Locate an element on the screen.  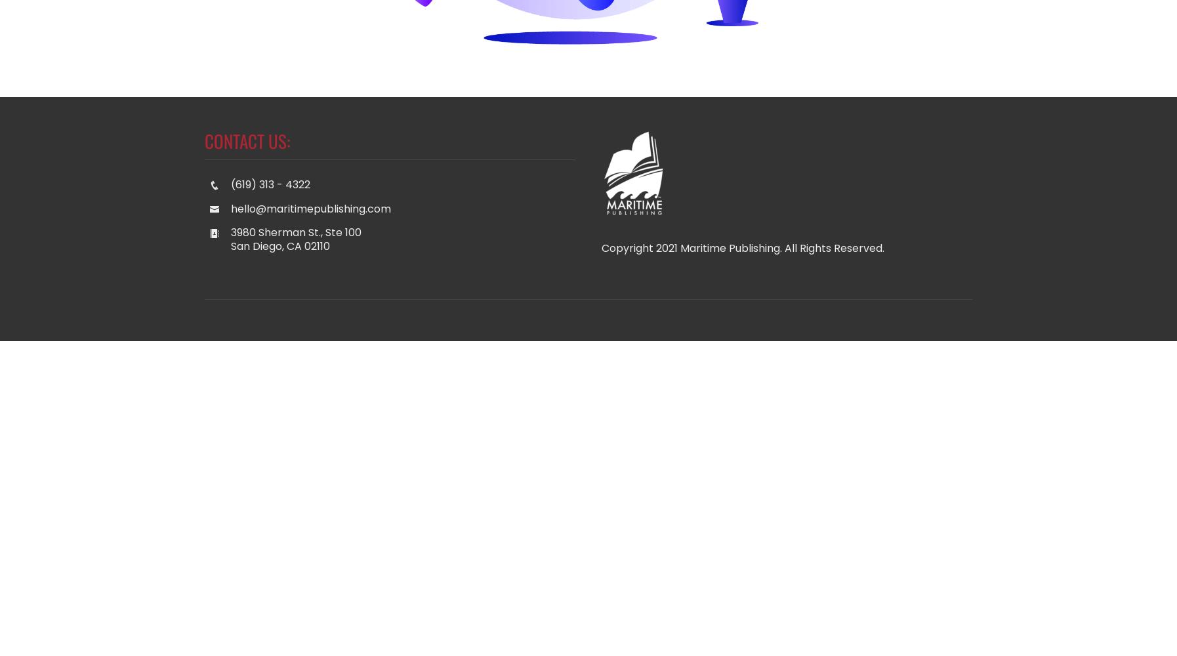
'hello@maritimepublishing.com' is located at coordinates (310, 207).